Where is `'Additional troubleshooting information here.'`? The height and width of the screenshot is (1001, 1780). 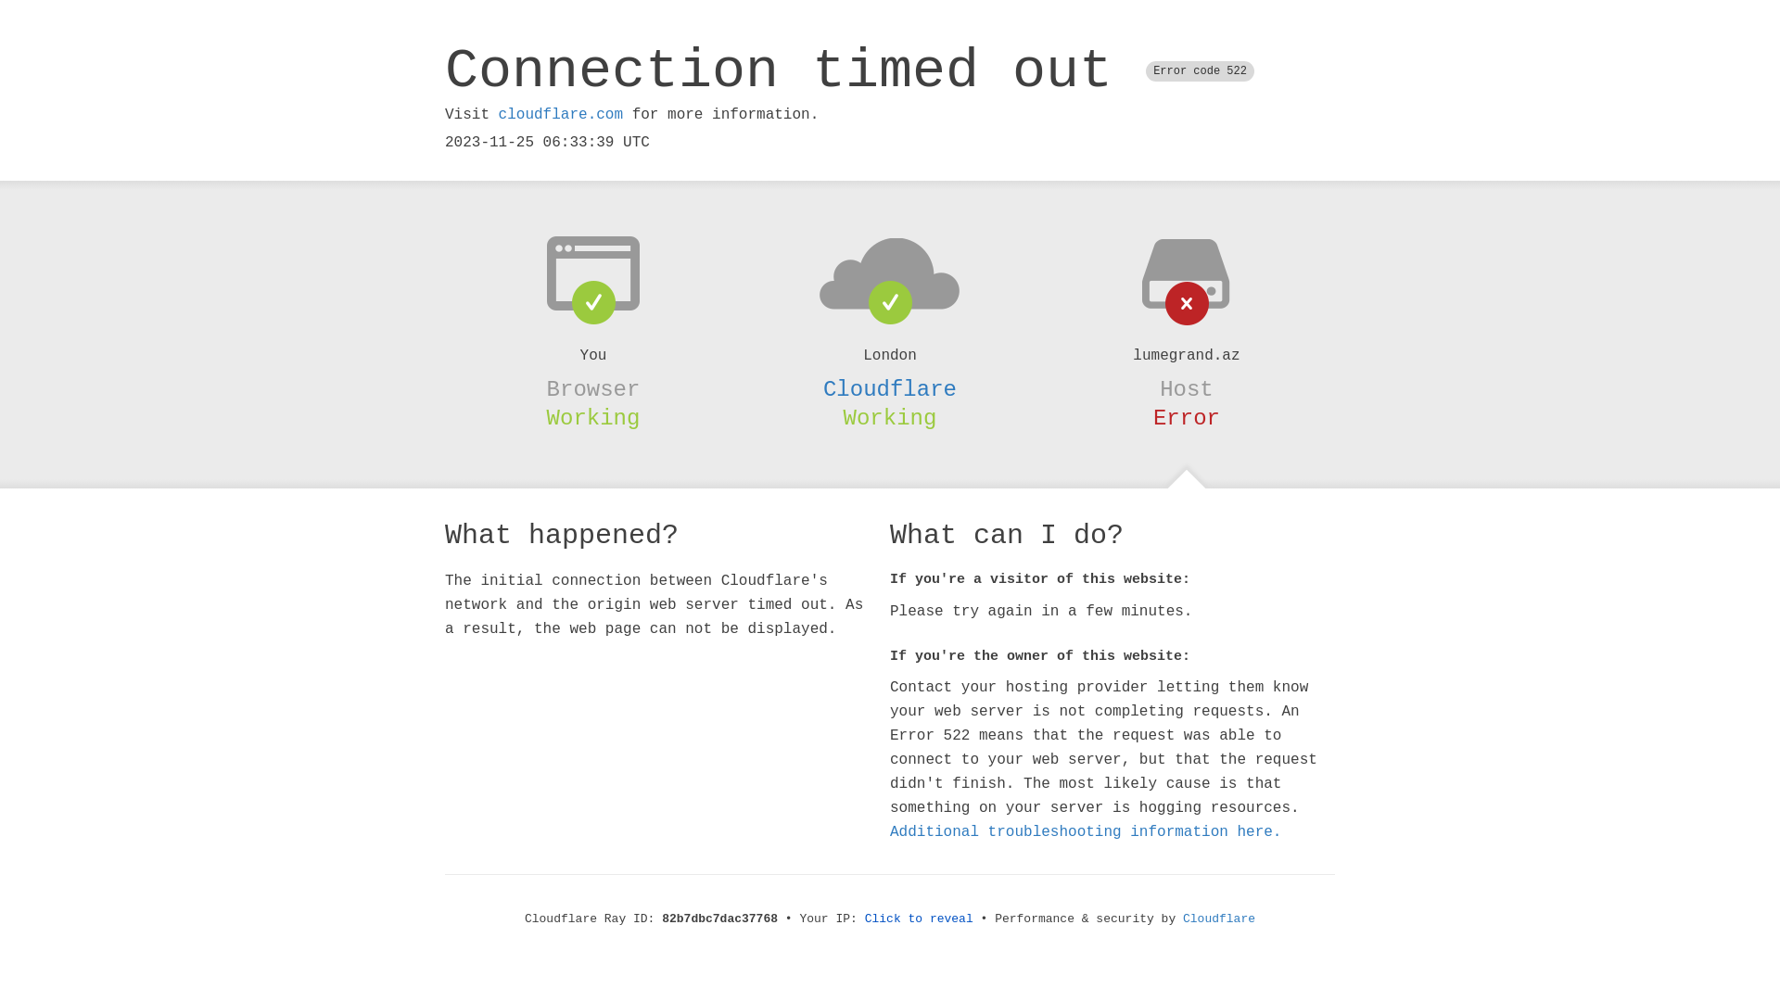
'Additional troubleshooting information here.' is located at coordinates (1086, 831).